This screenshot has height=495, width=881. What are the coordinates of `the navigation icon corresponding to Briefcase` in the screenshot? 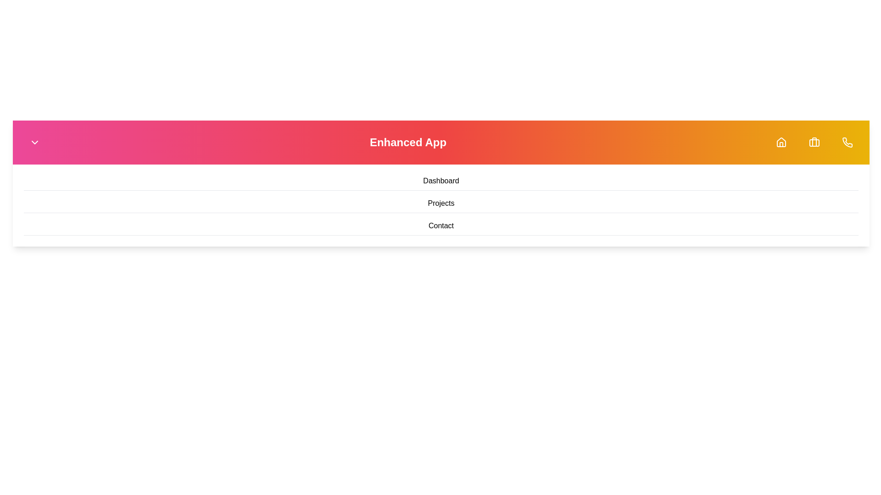 It's located at (814, 143).